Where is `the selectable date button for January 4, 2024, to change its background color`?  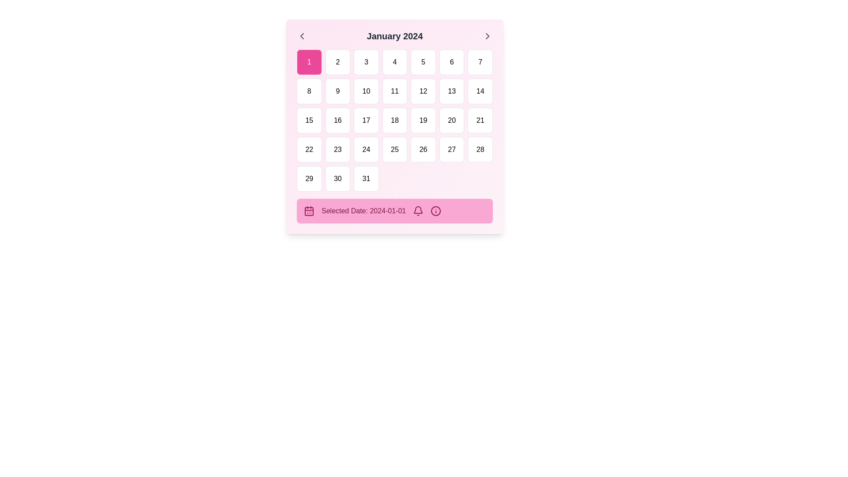 the selectable date button for January 4, 2024, to change its background color is located at coordinates (394, 62).